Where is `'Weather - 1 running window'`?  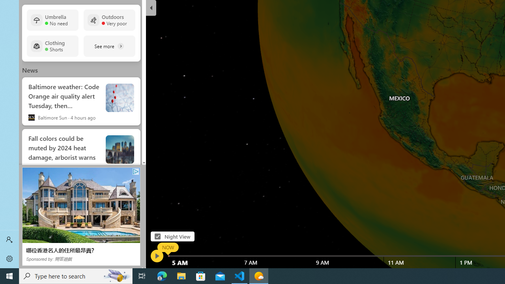
'Weather - 1 running window' is located at coordinates (259, 275).